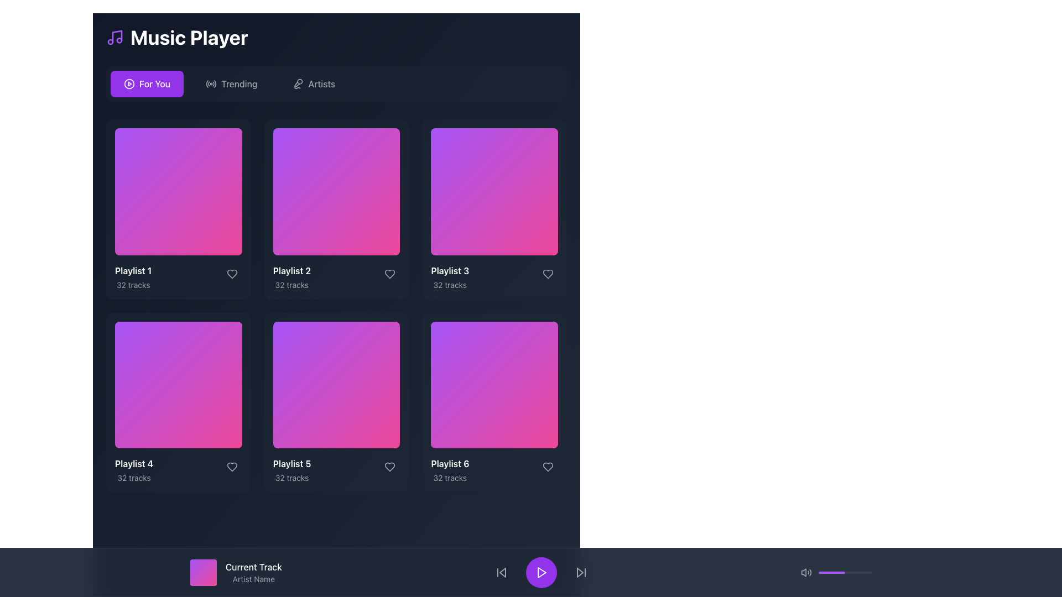 The height and width of the screenshot is (597, 1062). I want to click on the slider value, so click(857, 572).